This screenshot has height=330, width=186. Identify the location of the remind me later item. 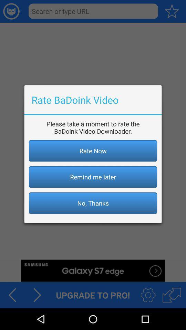
(93, 176).